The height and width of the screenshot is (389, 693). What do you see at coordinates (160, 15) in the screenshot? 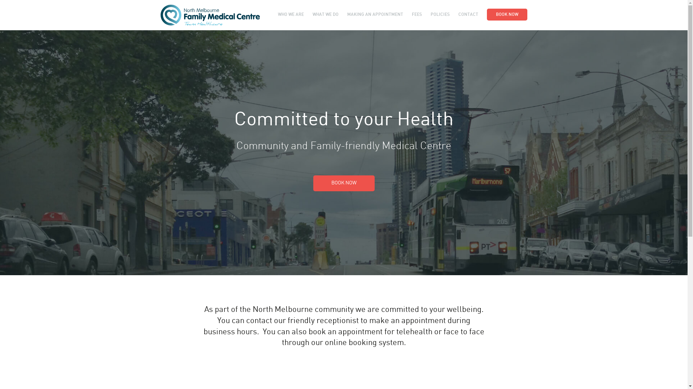
I see `'North Melbourne Family Medical Centre'` at bounding box center [160, 15].